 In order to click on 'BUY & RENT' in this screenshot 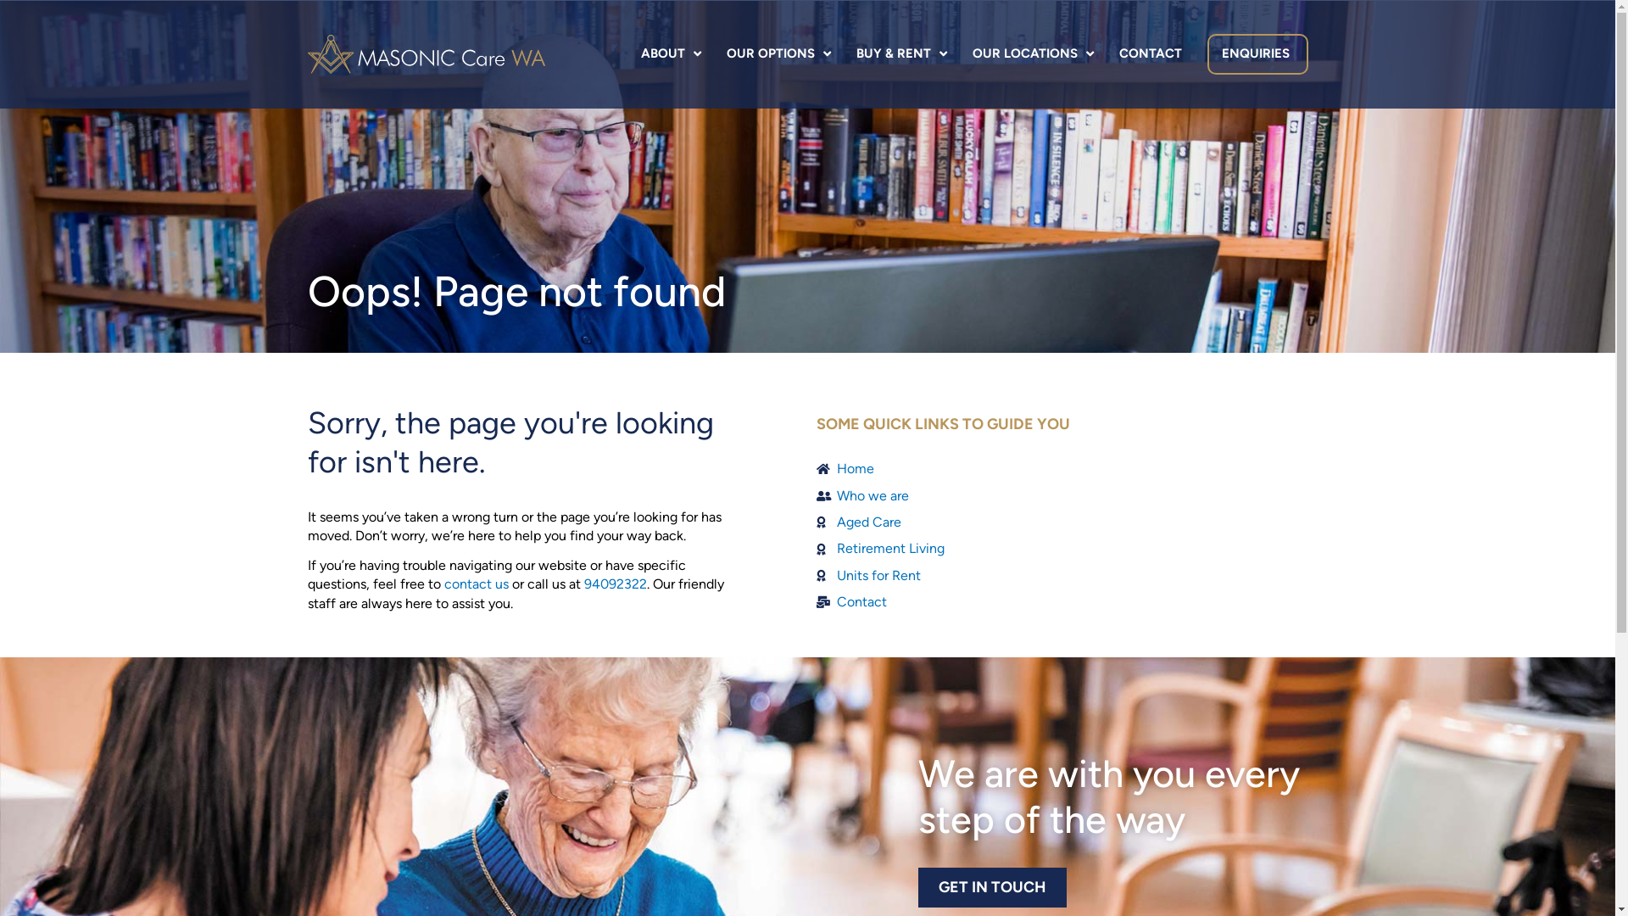, I will do `click(900, 53)`.